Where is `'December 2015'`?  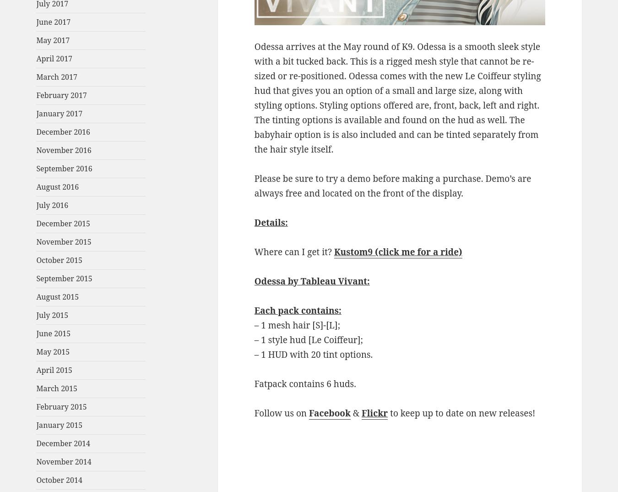 'December 2015' is located at coordinates (63, 224).